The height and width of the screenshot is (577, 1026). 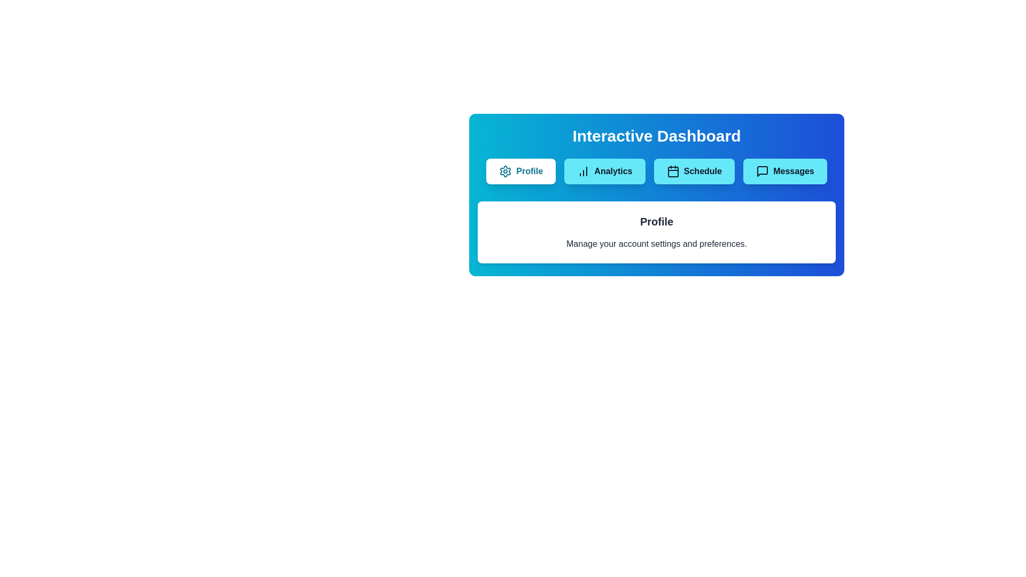 What do you see at coordinates (605, 170) in the screenshot?
I see `the tab labeled Analytics to view its content` at bounding box center [605, 170].